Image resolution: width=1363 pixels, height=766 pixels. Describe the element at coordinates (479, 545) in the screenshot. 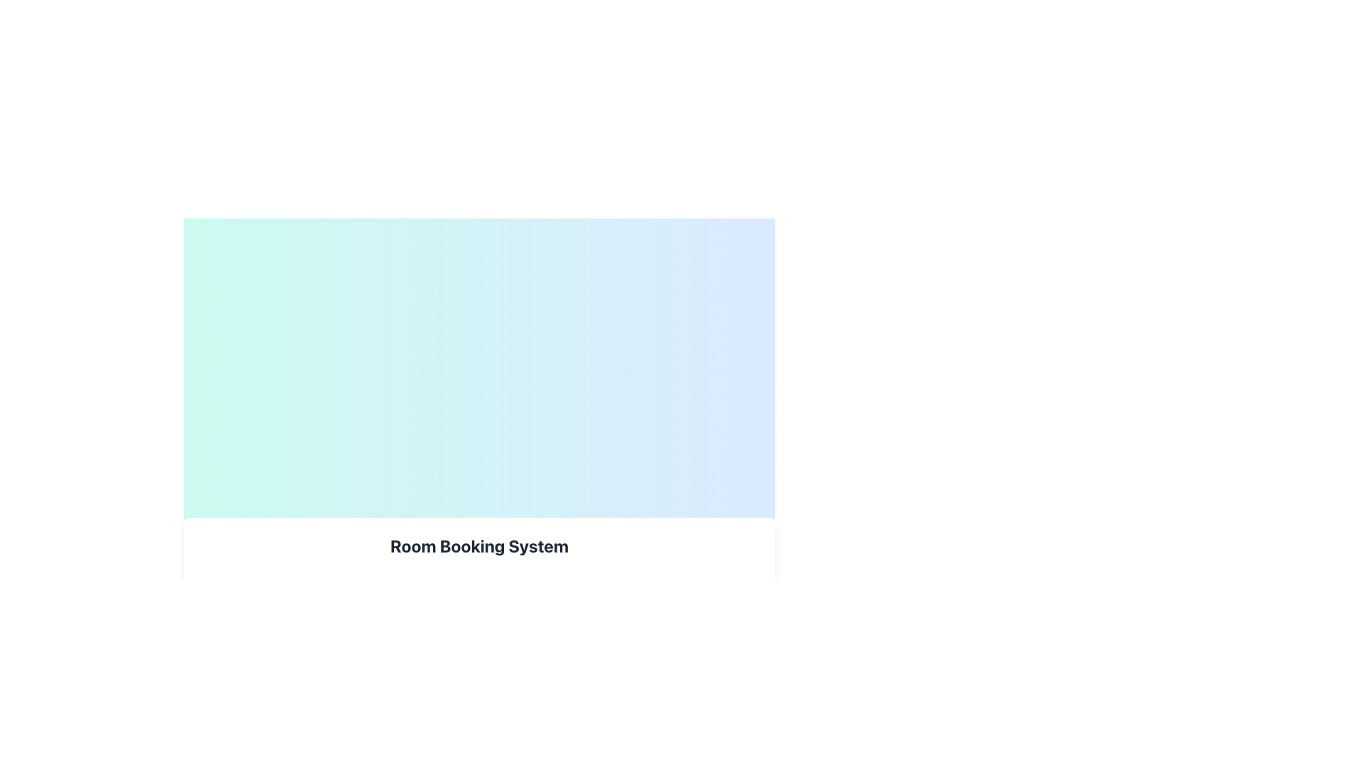

I see `the 'Room Booking System' text label` at that location.